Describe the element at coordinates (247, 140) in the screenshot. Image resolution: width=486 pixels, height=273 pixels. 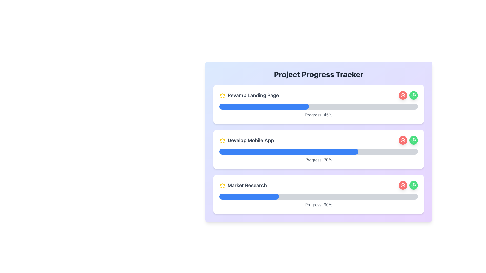
I see `the 'Develop Mobile App' text label with a yellow star icon` at that location.